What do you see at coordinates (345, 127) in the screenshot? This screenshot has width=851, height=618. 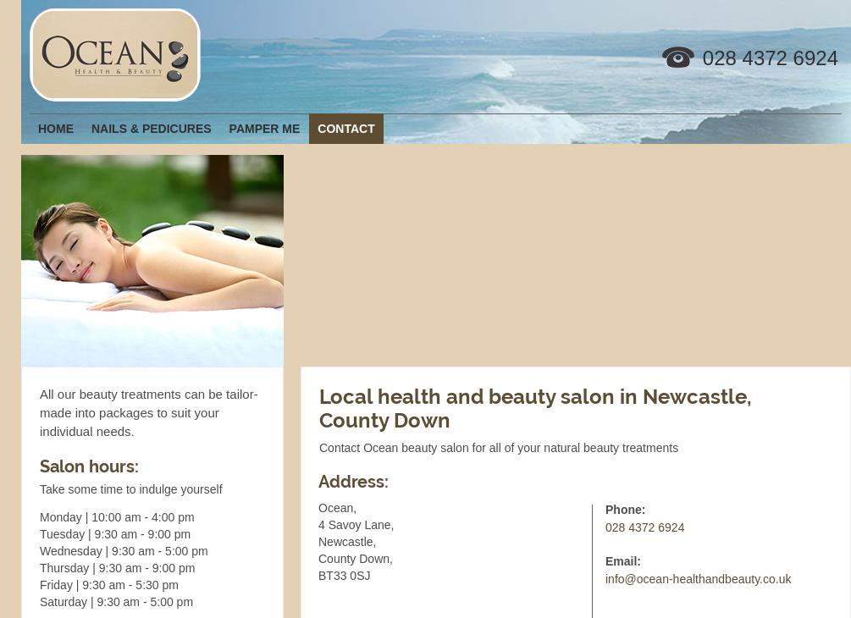 I see `'CONTACT'` at bounding box center [345, 127].